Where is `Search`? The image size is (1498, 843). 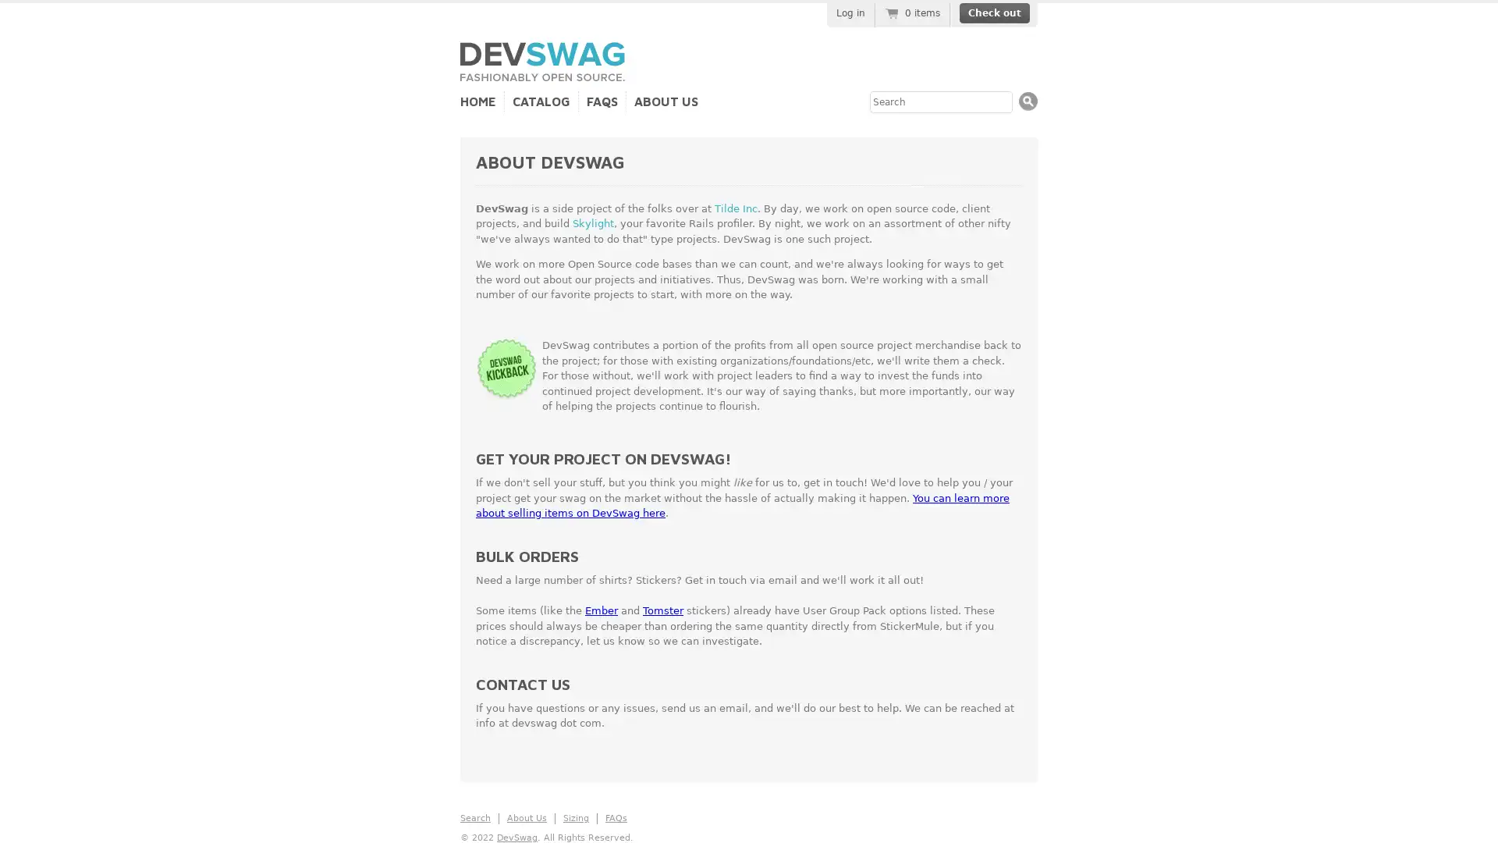
Search is located at coordinates (1028, 101).